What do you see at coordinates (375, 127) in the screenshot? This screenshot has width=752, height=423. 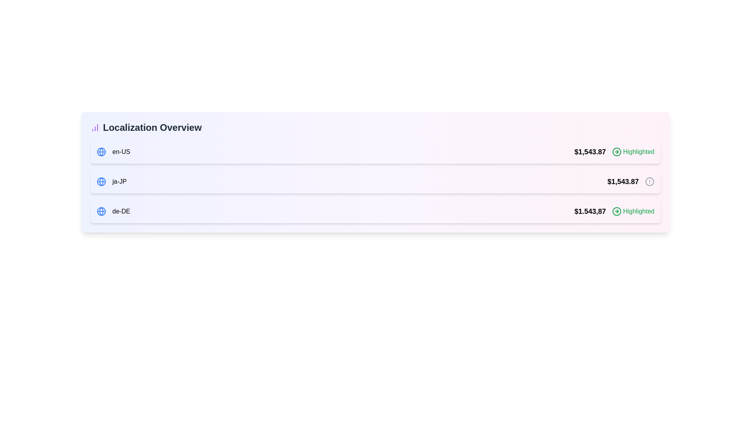 I see `the localization section referenced` at bounding box center [375, 127].